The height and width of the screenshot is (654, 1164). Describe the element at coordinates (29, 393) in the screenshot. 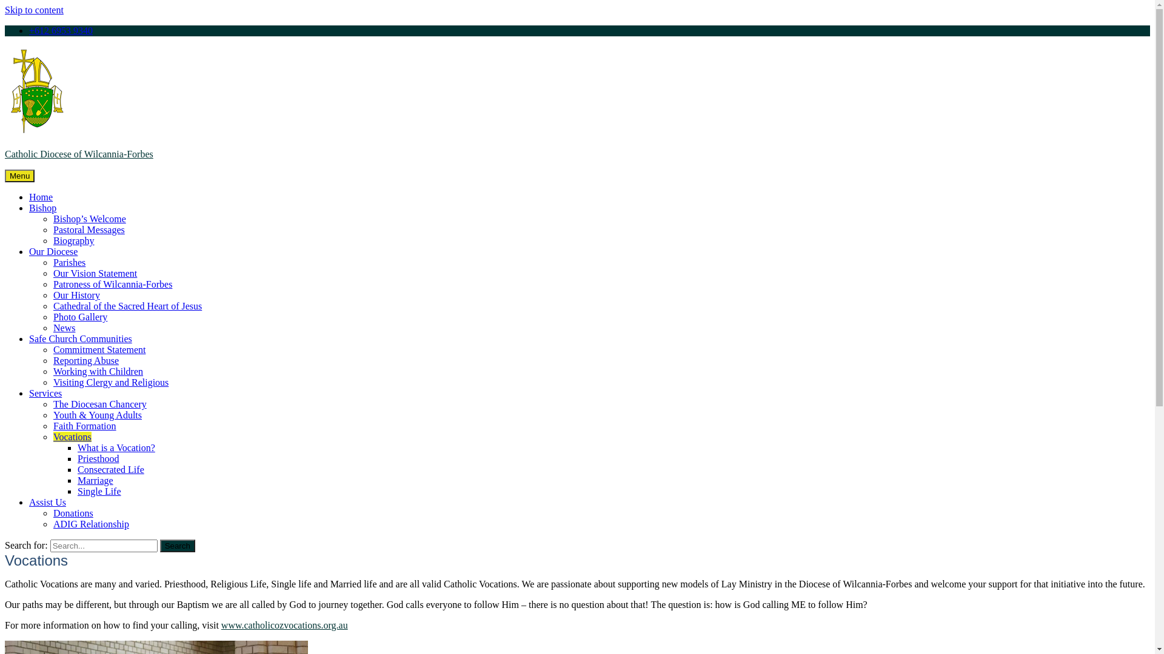

I see `'Services'` at that location.